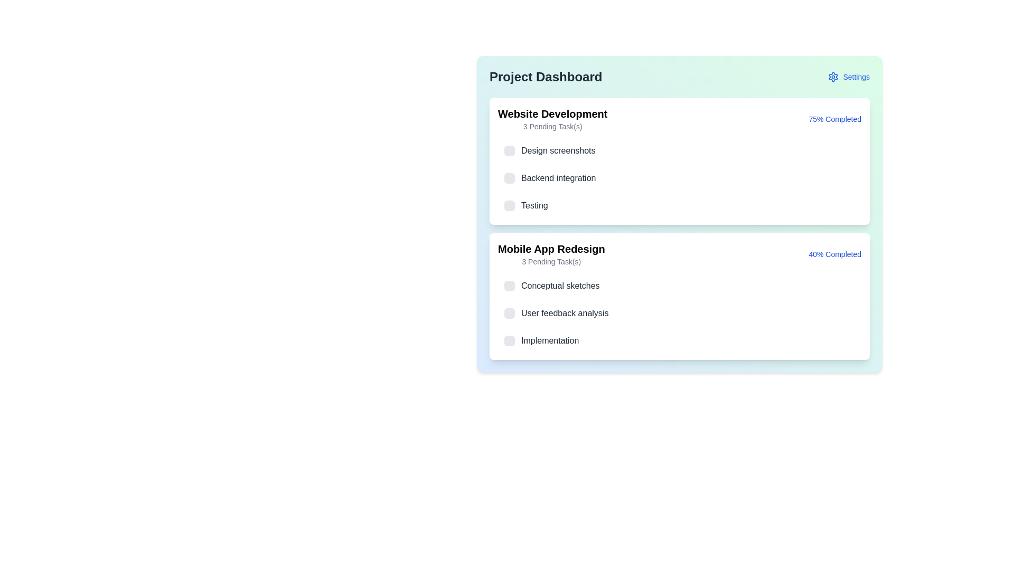  Describe the element at coordinates (509, 150) in the screenshot. I see `the Checkbox element located to the left of the text 'Design screenshots' under the 'Website Development' section` at that location.